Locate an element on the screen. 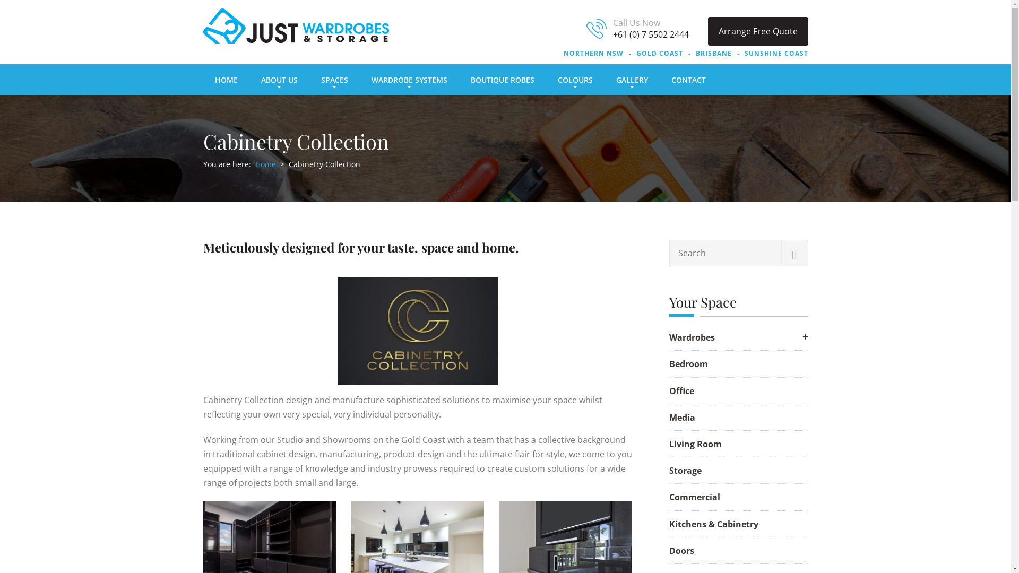 The height and width of the screenshot is (573, 1019). 'GALLERY' is located at coordinates (603, 79).